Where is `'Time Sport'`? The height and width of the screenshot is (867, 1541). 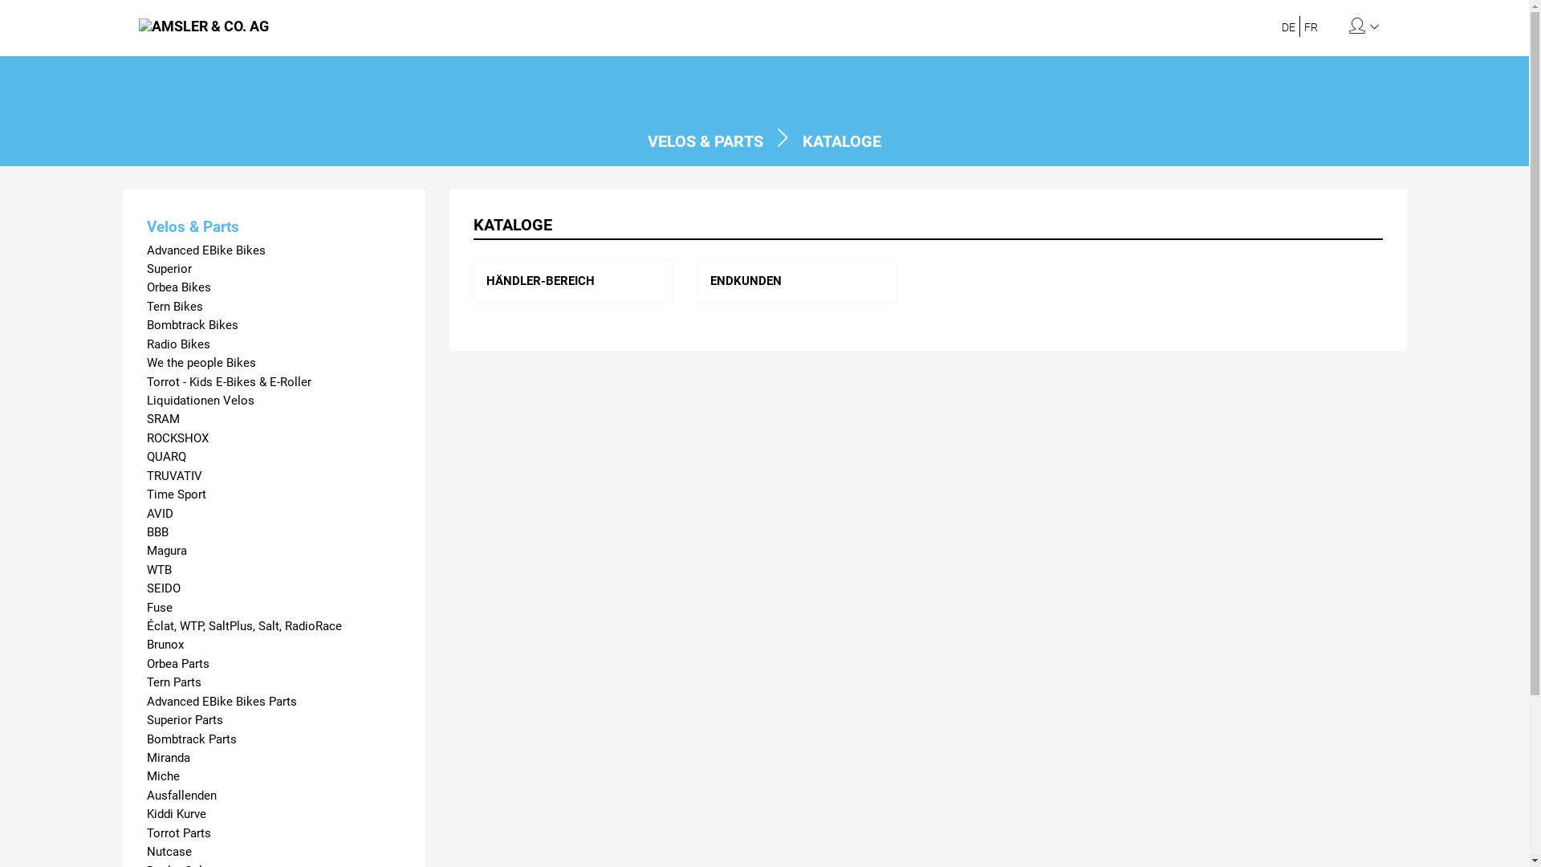
'Time Sport' is located at coordinates (273, 494).